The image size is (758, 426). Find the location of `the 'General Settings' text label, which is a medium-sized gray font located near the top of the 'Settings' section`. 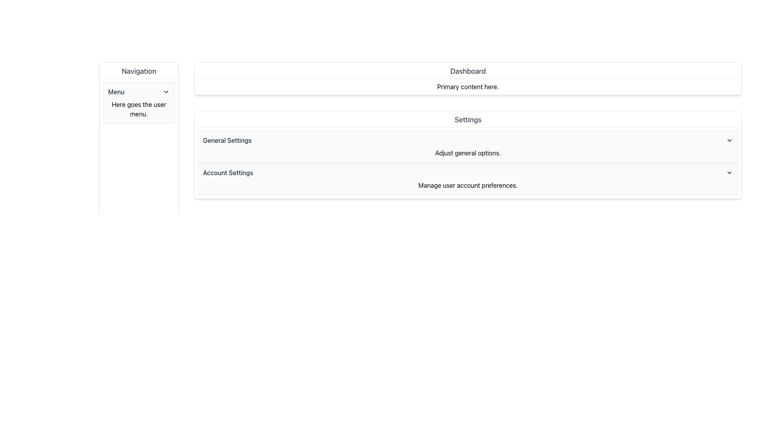

the 'General Settings' text label, which is a medium-sized gray font located near the top of the 'Settings' section is located at coordinates (227, 140).